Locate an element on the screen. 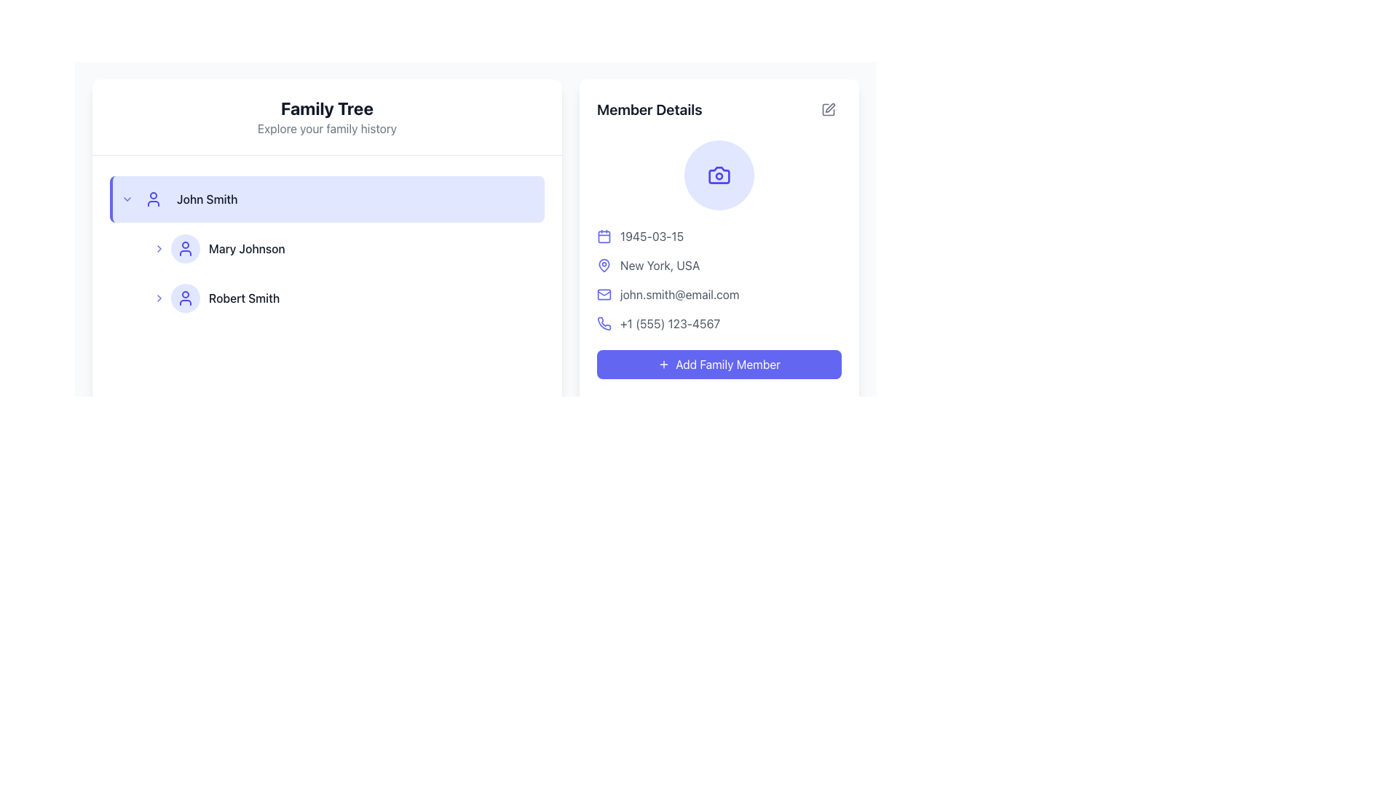 This screenshot has width=1398, height=786. the second list item representing 'Robert Smith' is located at coordinates (332, 297).